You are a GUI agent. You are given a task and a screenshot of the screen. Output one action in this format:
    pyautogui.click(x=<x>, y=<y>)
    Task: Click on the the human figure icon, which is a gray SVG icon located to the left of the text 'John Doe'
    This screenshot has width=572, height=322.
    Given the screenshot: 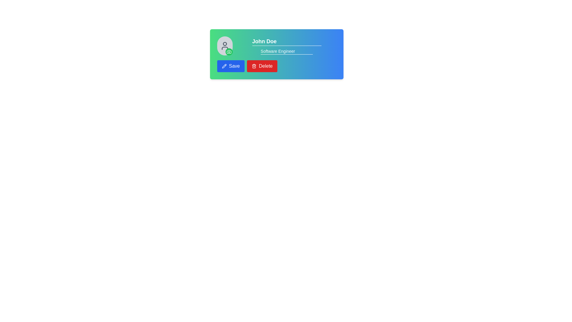 What is the action you would take?
    pyautogui.click(x=224, y=46)
    